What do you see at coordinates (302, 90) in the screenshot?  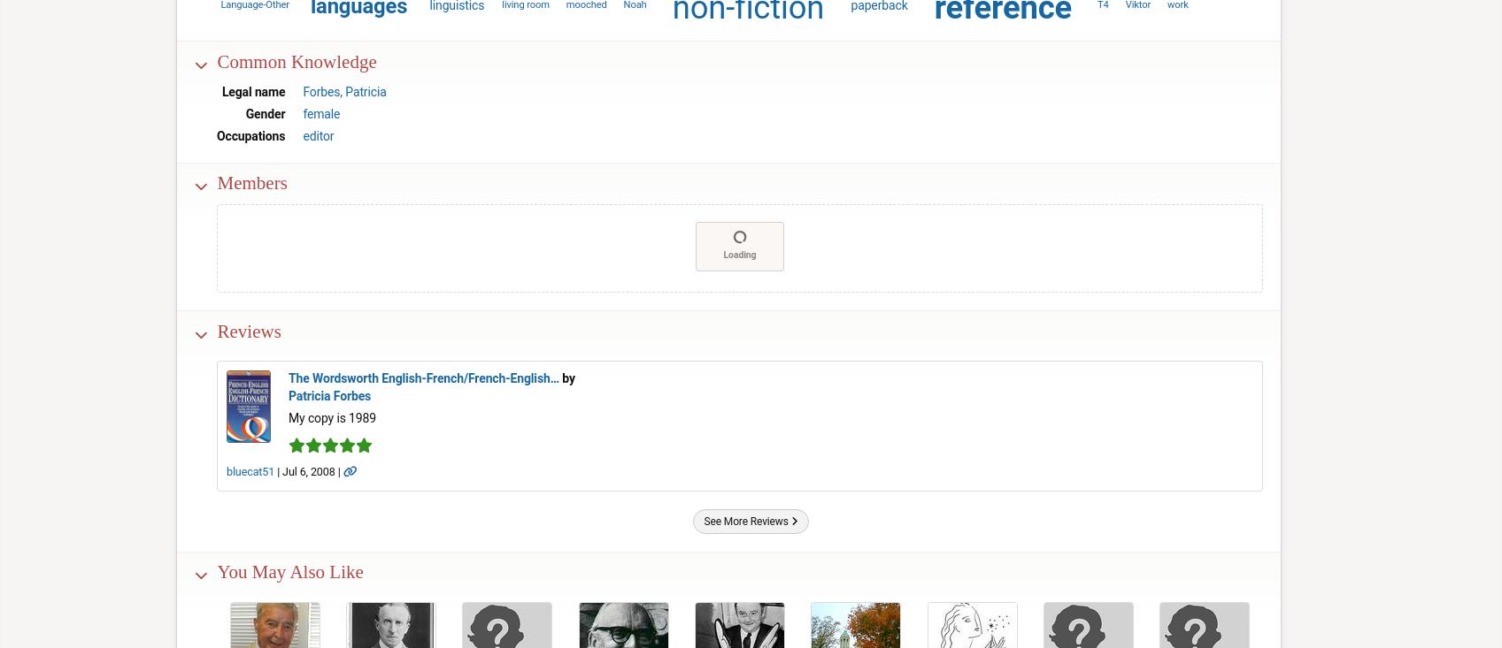 I see `'Forbes, Patricia'` at bounding box center [302, 90].